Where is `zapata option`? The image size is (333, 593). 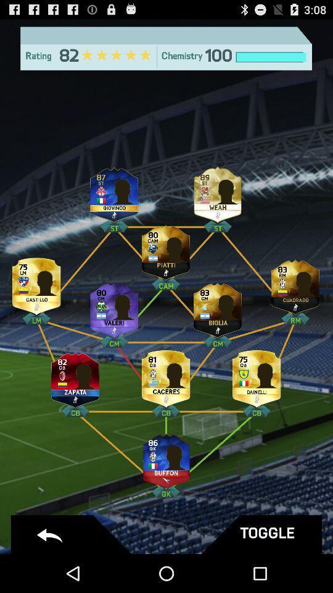 zapata option is located at coordinates (75, 376).